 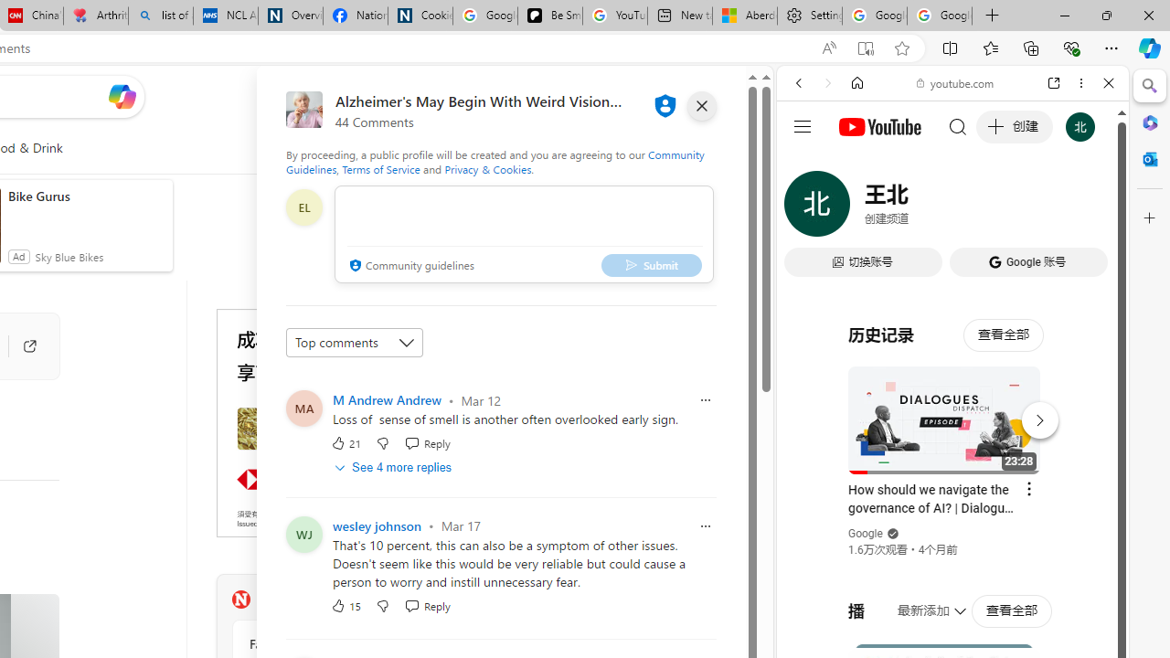 What do you see at coordinates (1149, 218) in the screenshot?
I see `'Close Customize pane'` at bounding box center [1149, 218].